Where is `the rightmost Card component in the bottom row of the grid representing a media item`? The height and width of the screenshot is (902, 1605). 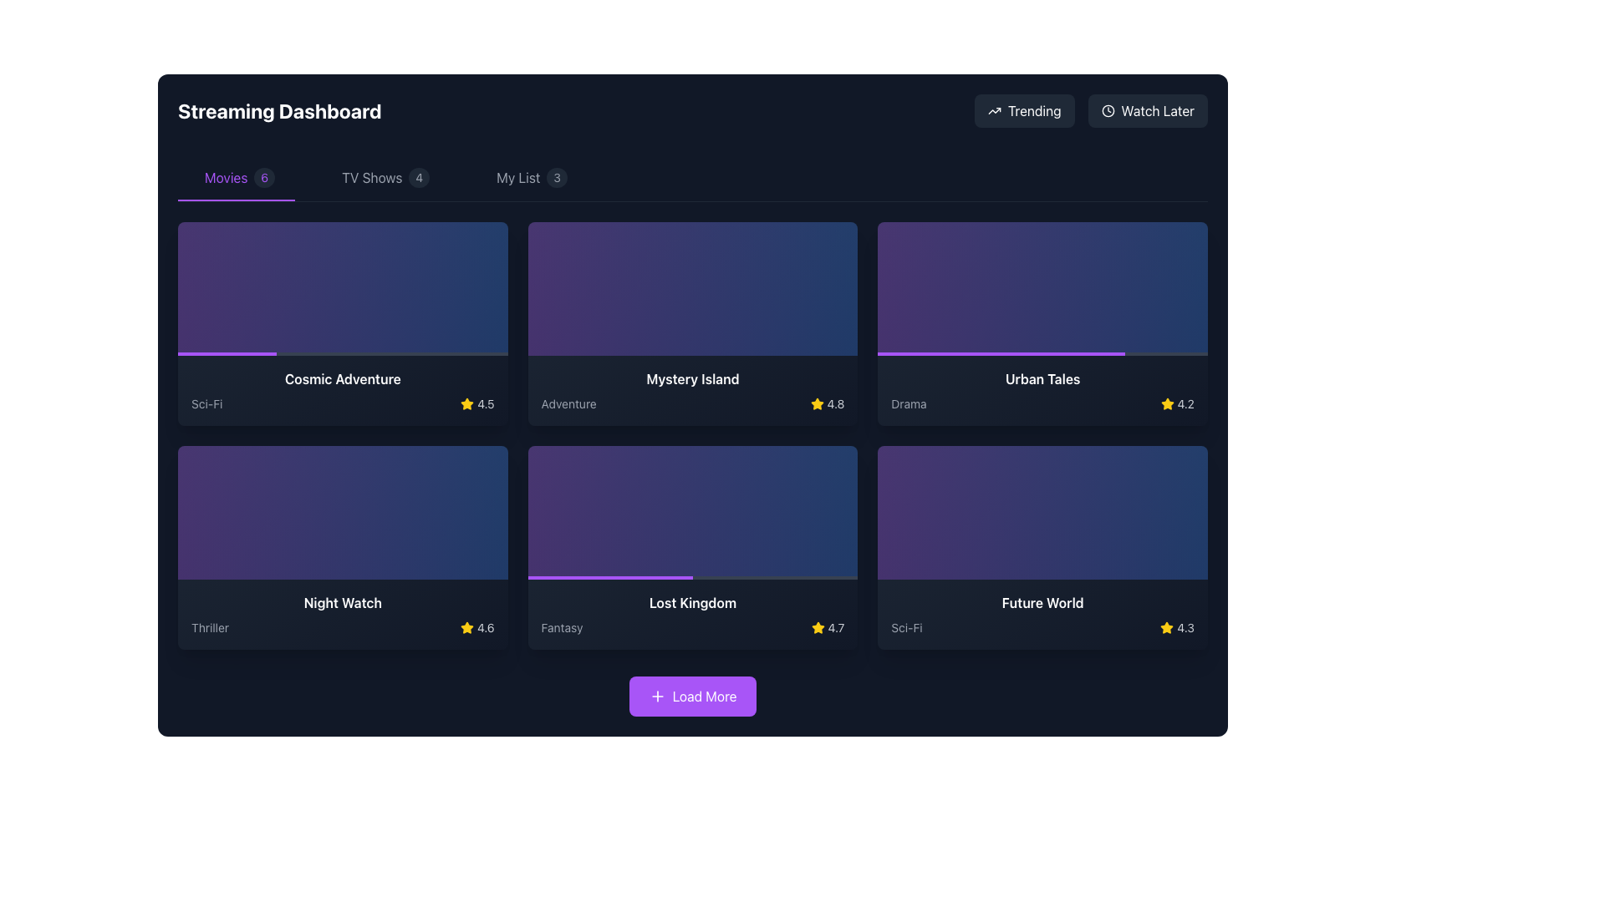 the rightmost Card component in the bottom row of the grid representing a media item is located at coordinates (1042, 615).